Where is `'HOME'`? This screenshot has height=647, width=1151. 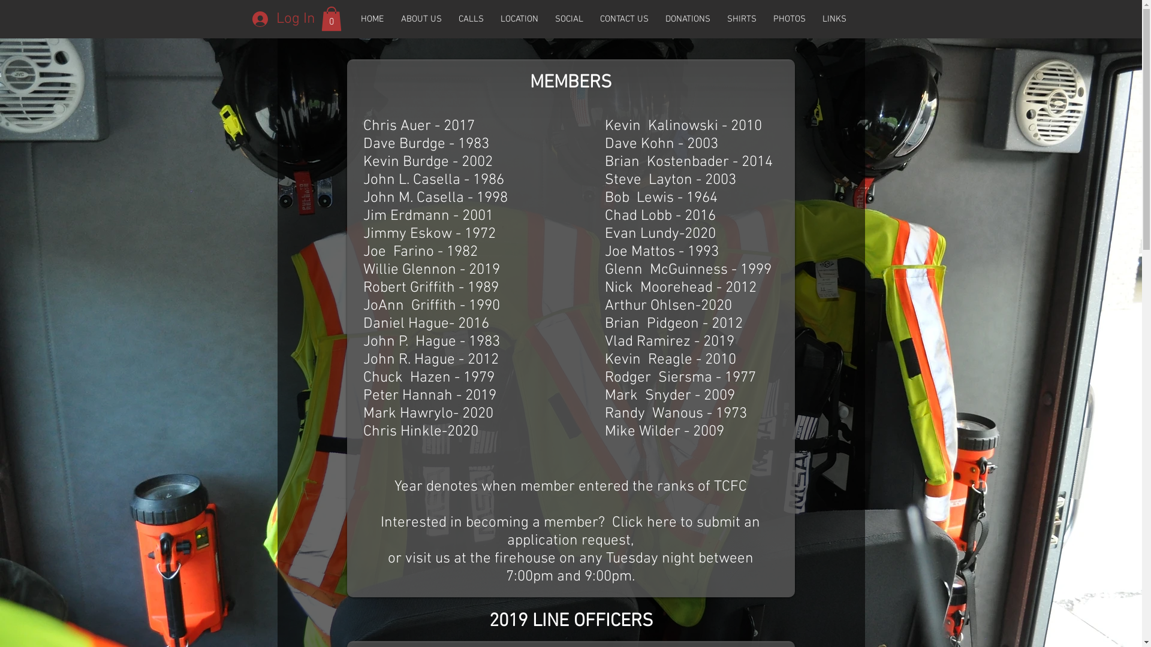
'HOME' is located at coordinates (352, 19).